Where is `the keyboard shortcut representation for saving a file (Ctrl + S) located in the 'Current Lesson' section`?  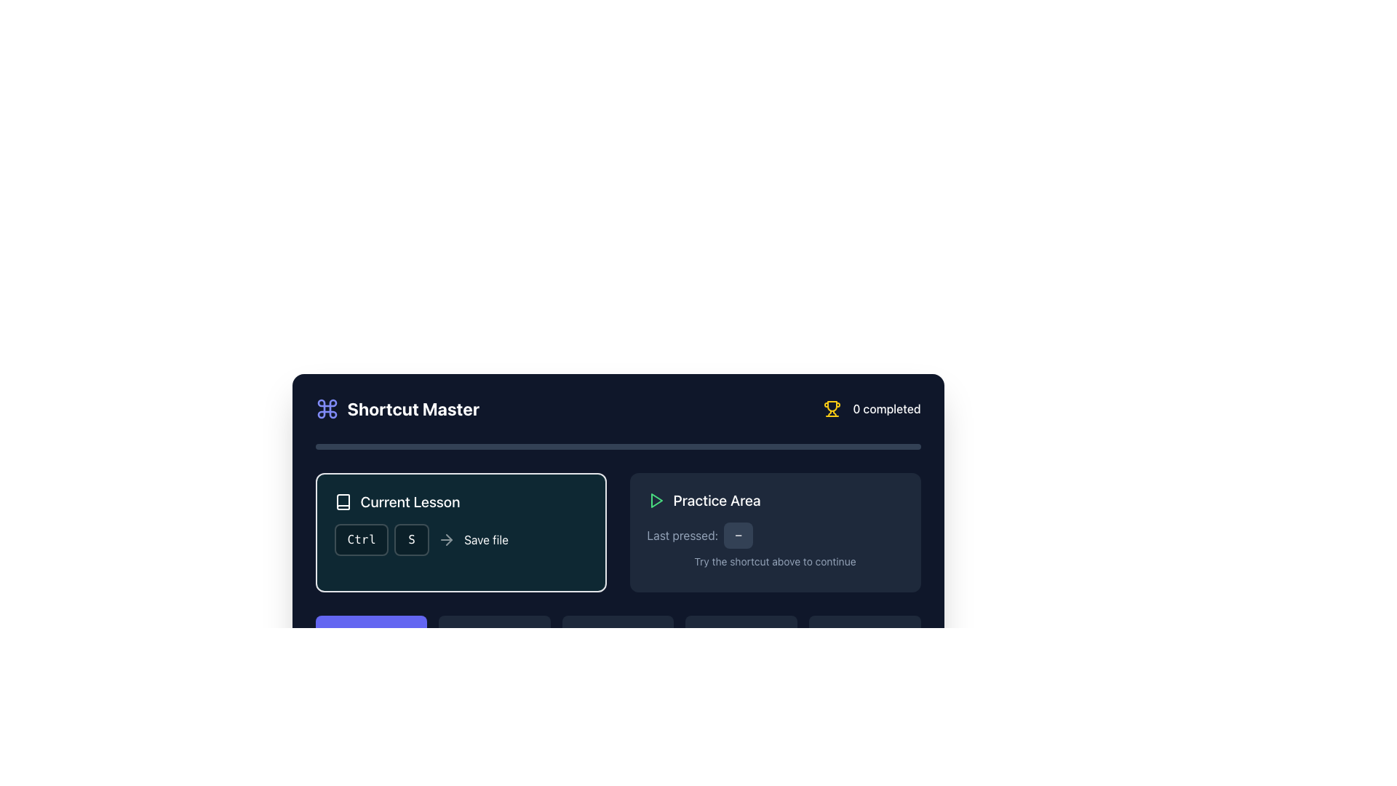
the keyboard shortcut representation for saving a file (Ctrl + S) located in the 'Current Lesson' section is located at coordinates (460, 539).